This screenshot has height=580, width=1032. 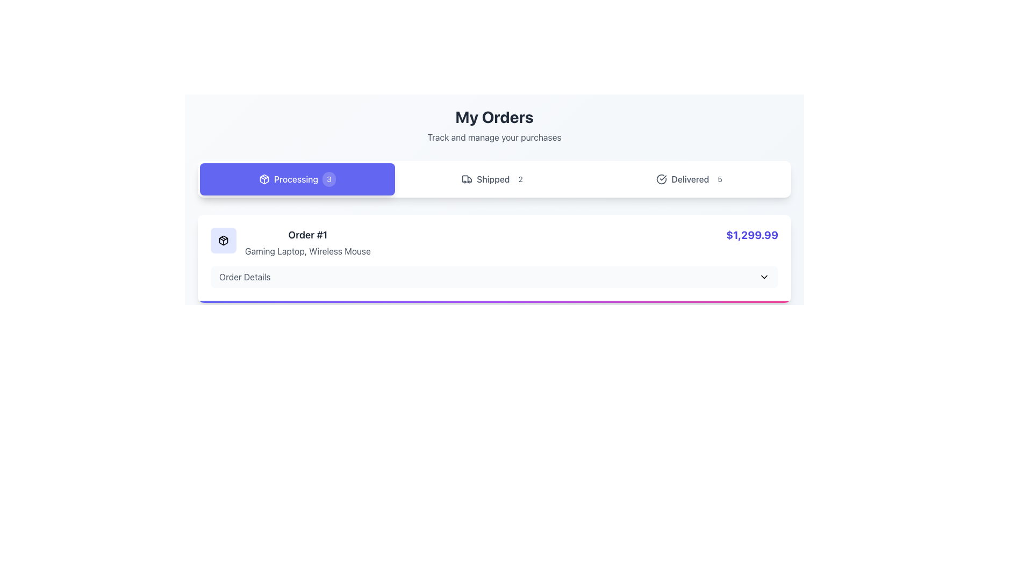 What do you see at coordinates (494, 136) in the screenshot?
I see `the static text element that reads 'Track and manage your purchases', which is styled in a medium-sized, light gray font and located directly beneath the title 'My Orders'` at bounding box center [494, 136].